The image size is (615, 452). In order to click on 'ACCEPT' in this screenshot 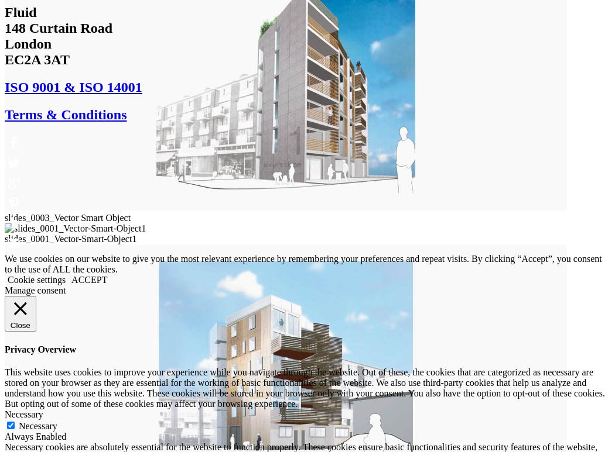, I will do `click(89, 278)`.